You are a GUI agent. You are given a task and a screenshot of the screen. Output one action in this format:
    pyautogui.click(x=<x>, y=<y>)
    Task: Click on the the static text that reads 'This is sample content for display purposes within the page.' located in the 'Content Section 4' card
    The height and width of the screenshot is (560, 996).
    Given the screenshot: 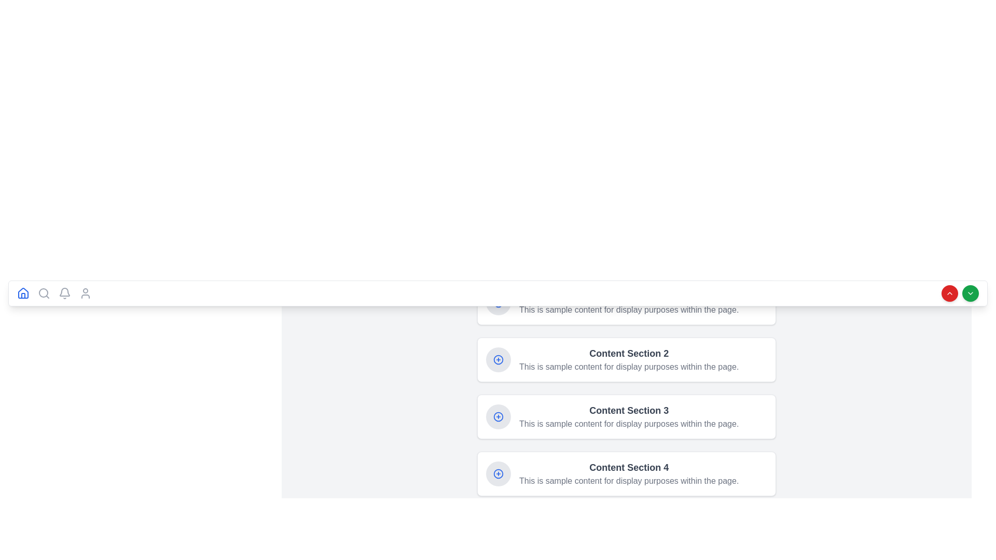 What is the action you would take?
    pyautogui.click(x=628, y=481)
    